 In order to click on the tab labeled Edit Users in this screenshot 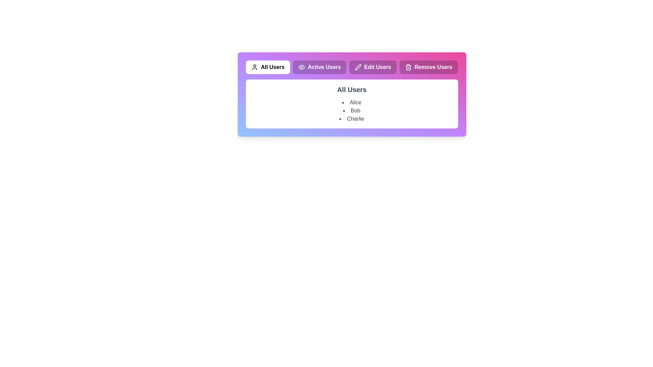, I will do `click(372, 67)`.